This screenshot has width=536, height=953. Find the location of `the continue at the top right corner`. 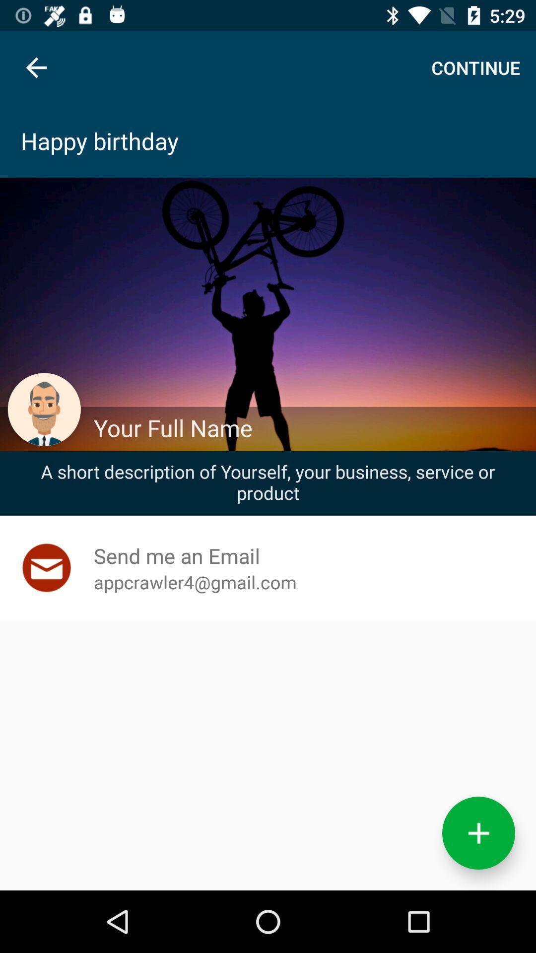

the continue at the top right corner is located at coordinates (475, 67).